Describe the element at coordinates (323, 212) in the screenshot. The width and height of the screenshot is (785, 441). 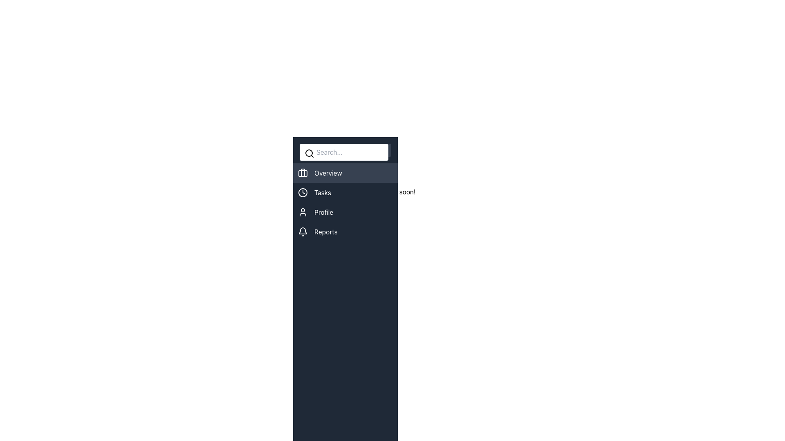
I see `the 'Profile' text label, which is styled in white font over a dark background and is located in the vertical navigation menu between 'Tasks' and 'Reports'` at that location.